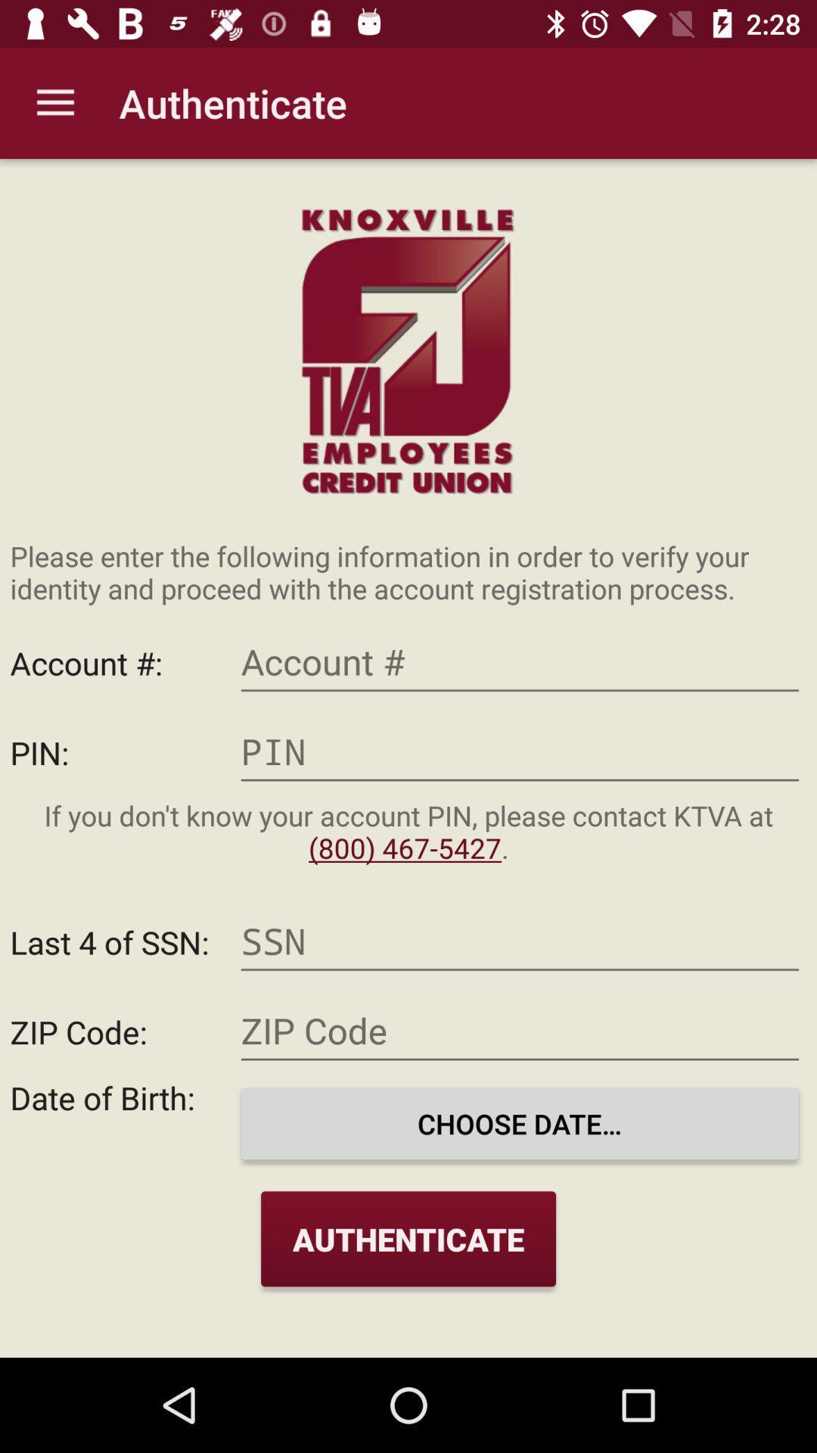 The height and width of the screenshot is (1453, 817). What do you see at coordinates (519, 751) in the screenshot?
I see `text` at bounding box center [519, 751].